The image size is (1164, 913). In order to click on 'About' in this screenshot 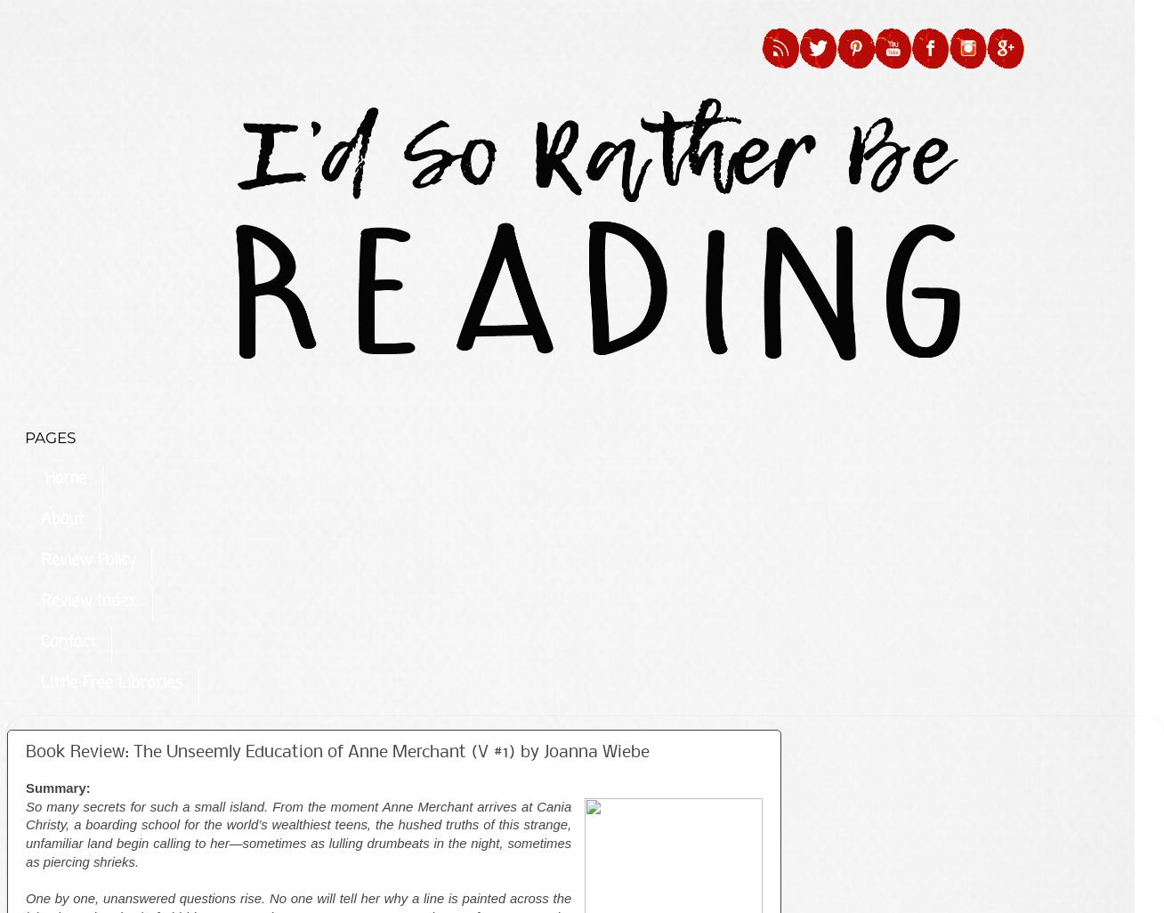, I will do `click(61, 518)`.